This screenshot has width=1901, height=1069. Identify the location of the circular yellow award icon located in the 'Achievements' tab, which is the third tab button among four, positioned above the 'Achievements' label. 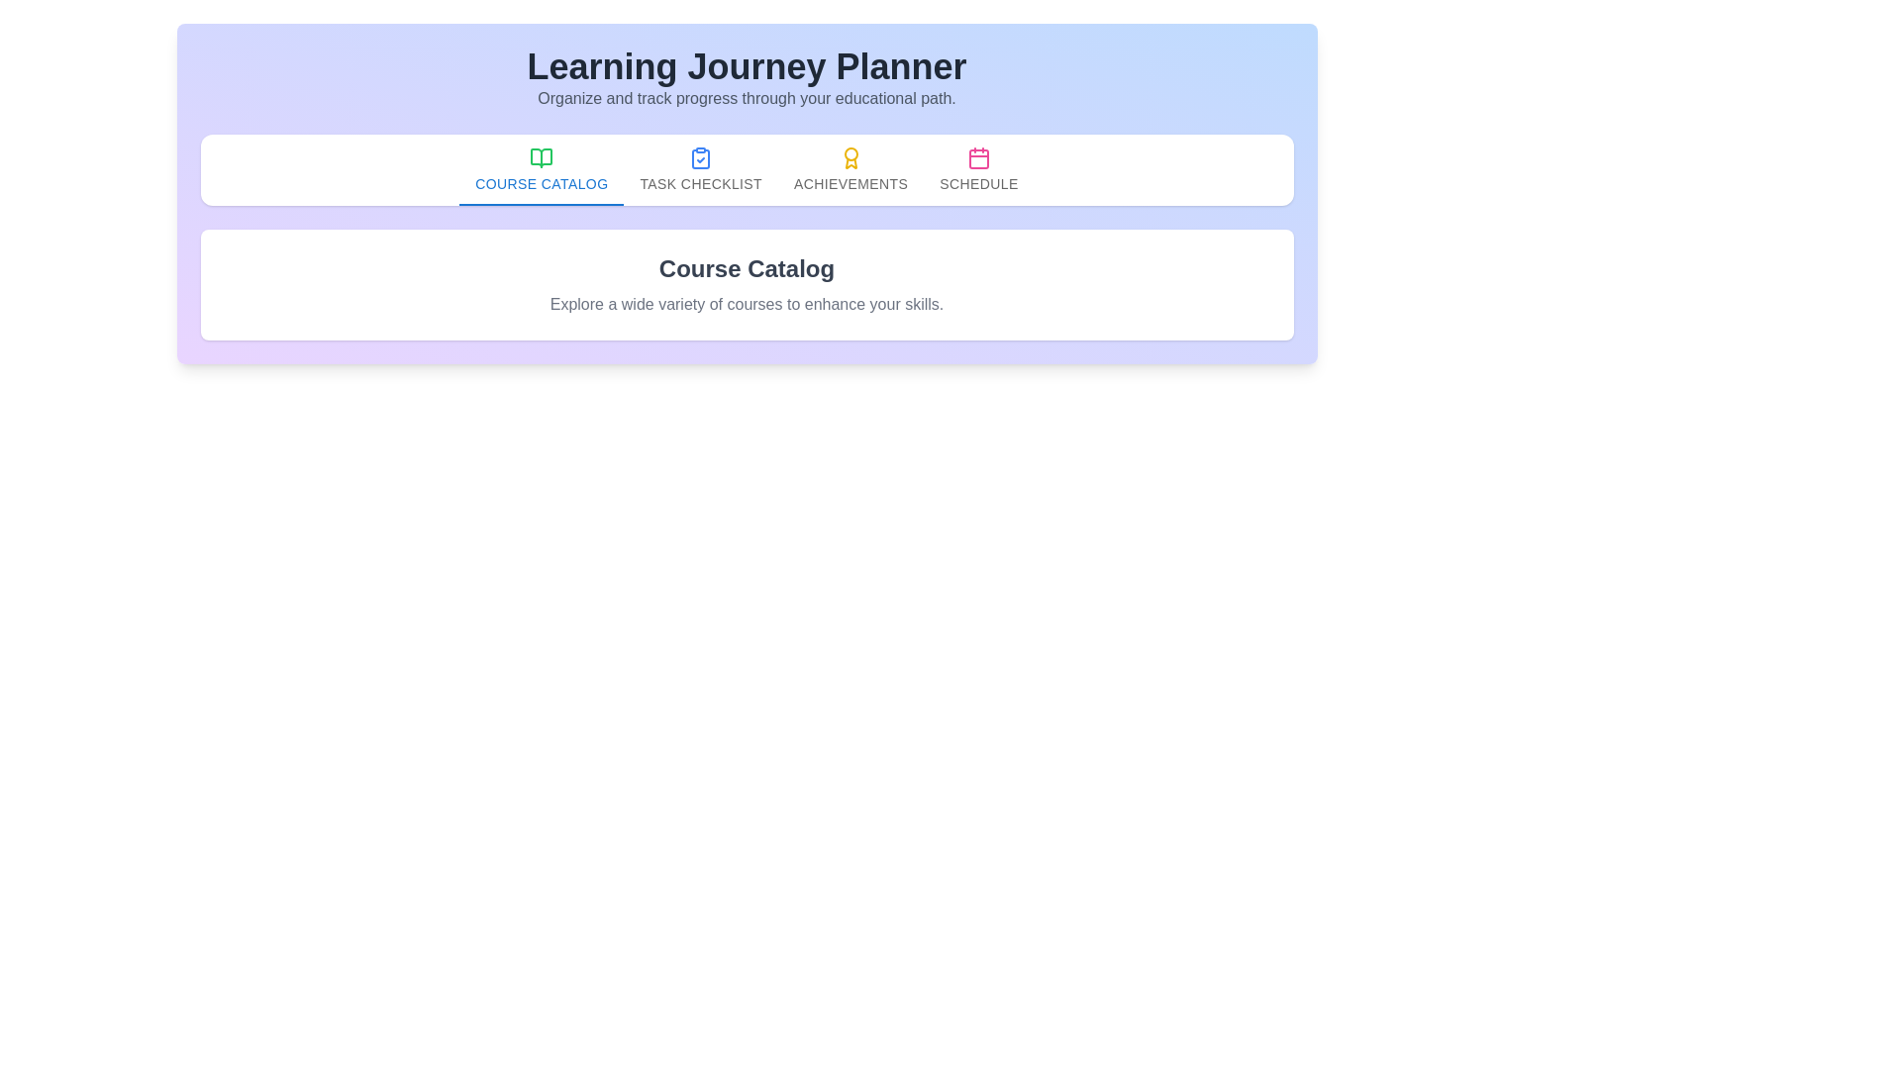
(850, 157).